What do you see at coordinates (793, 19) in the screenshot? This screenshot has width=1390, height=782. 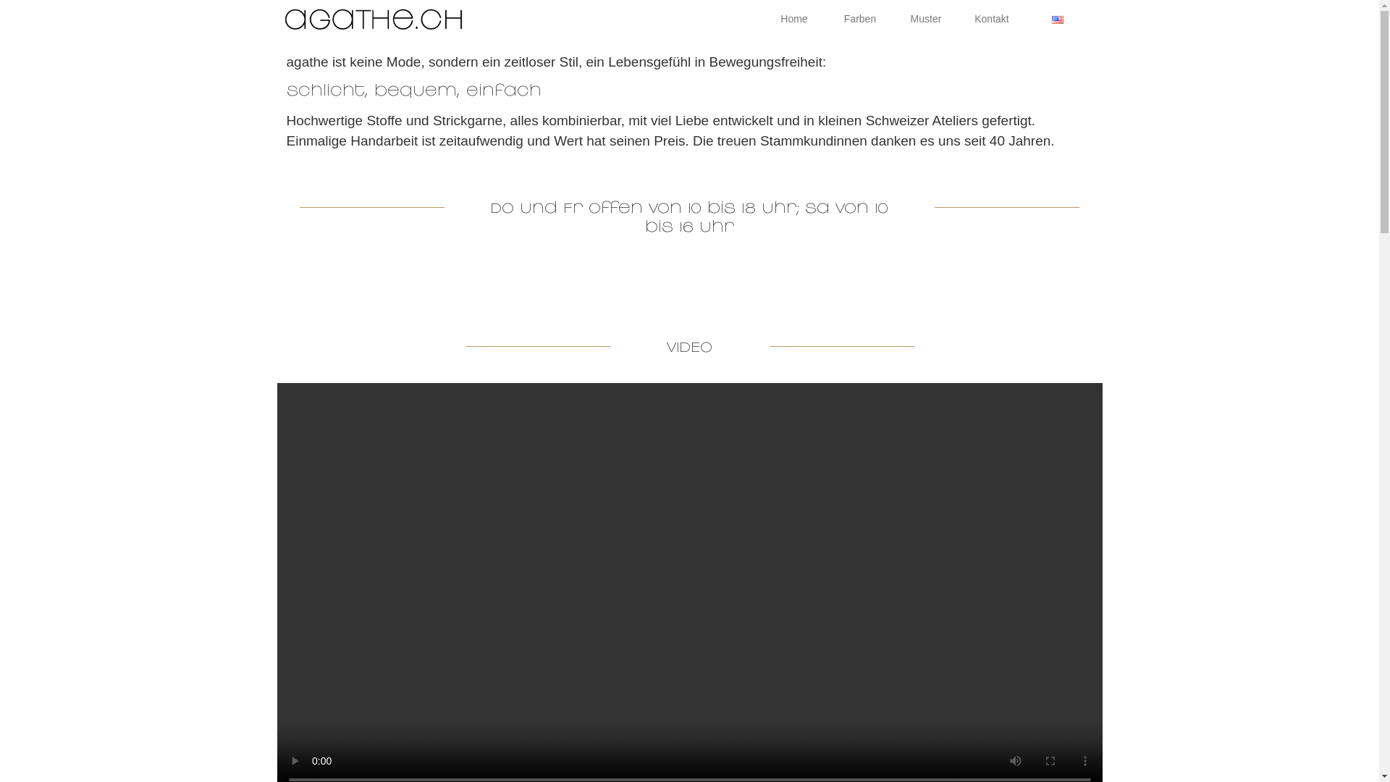 I see `'Home'` at bounding box center [793, 19].